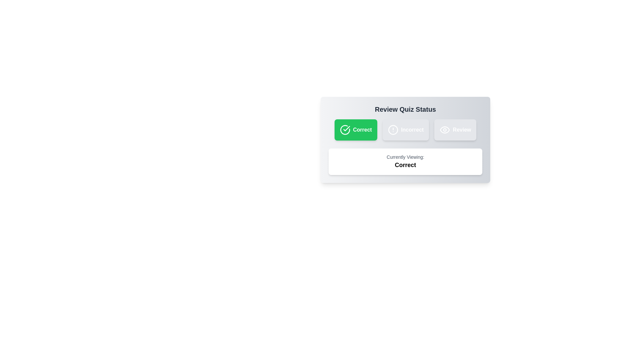  What do you see at coordinates (405, 130) in the screenshot?
I see `the Incorrect button to change the quiz review status` at bounding box center [405, 130].